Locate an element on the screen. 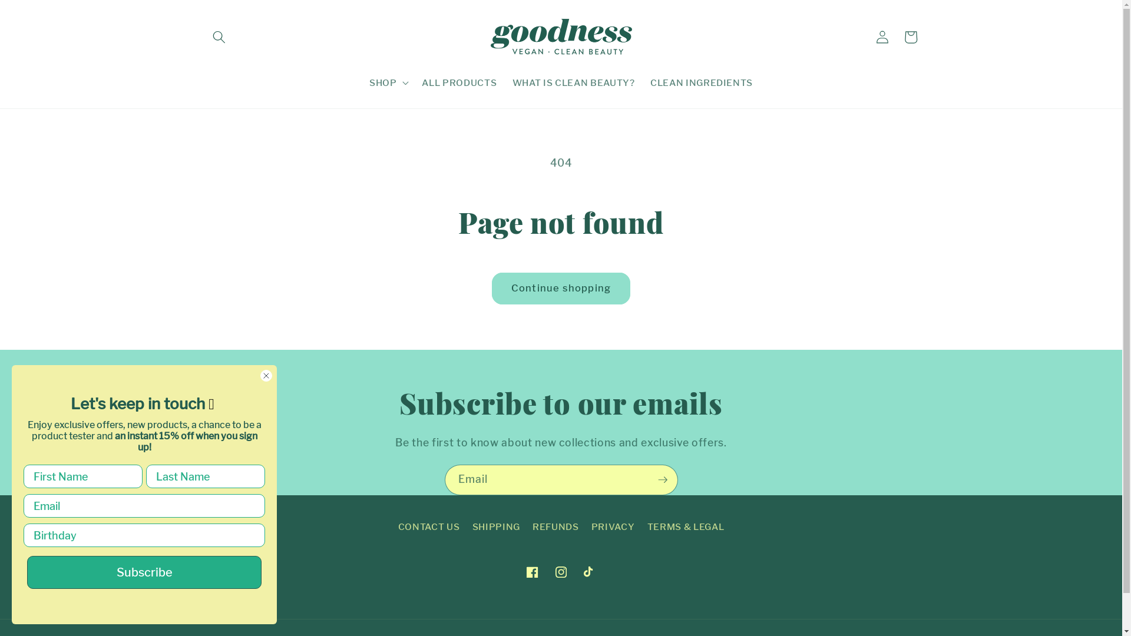  'Subscribe' is located at coordinates (143, 572).